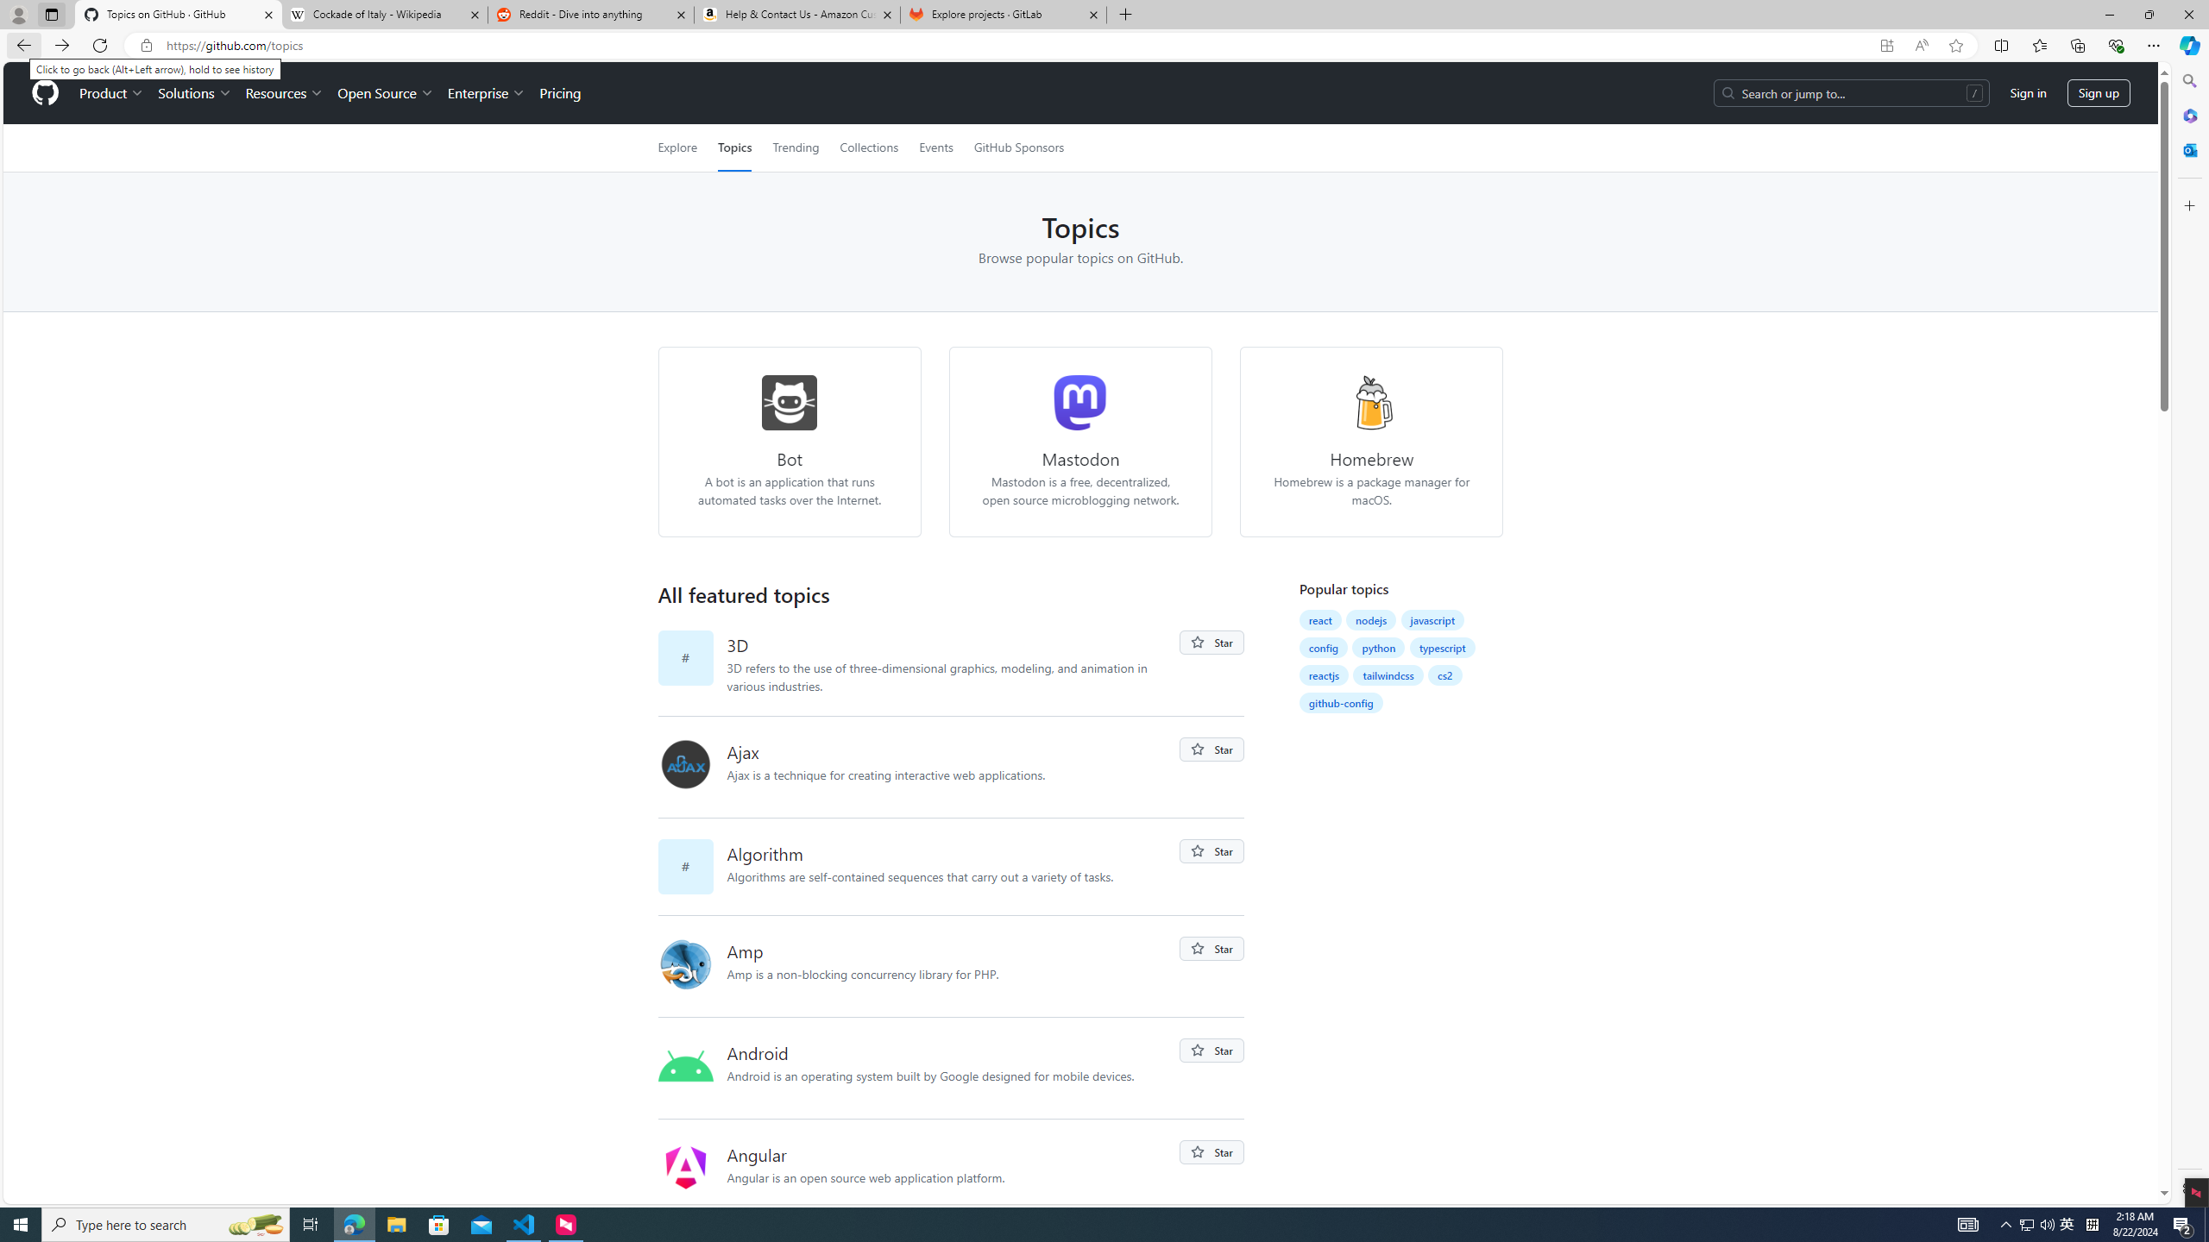  Describe the element at coordinates (953, 965) in the screenshot. I see `'Amp Amp is a non-blocking concurrency library for PHP.'` at that location.